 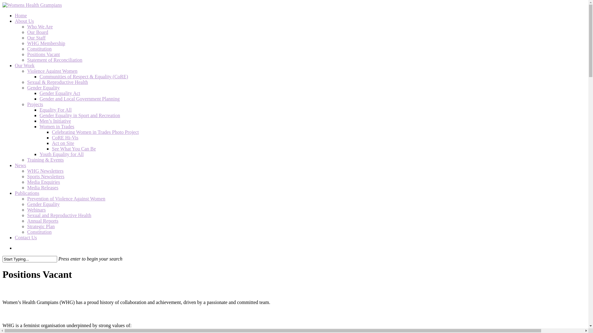 What do you see at coordinates (40, 226) in the screenshot?
I see `'Strategic Plan'` at bounding box center [40, 226].